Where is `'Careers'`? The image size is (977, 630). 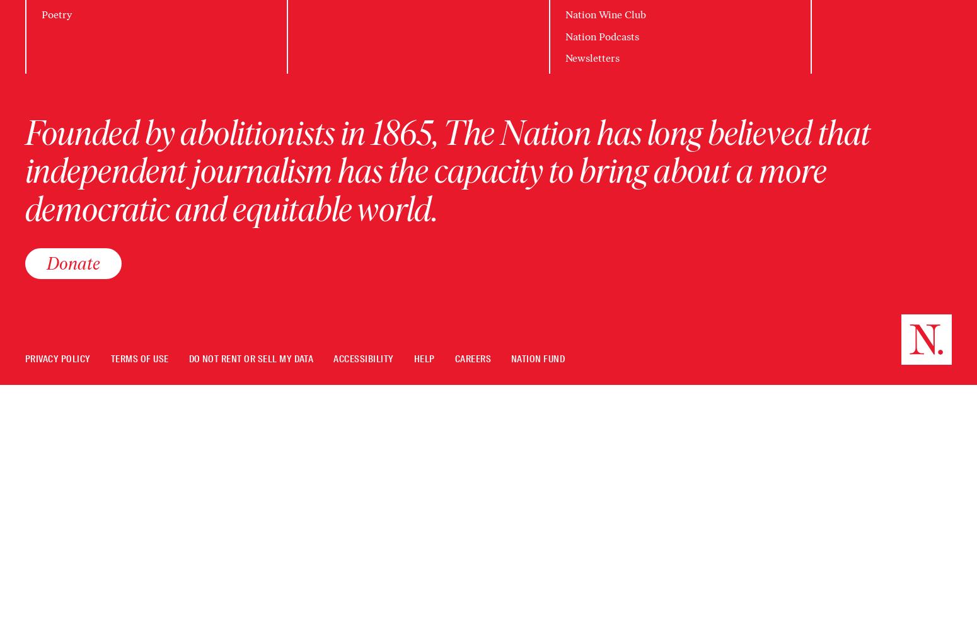 'Careers' is located at coordinates (473, 358).